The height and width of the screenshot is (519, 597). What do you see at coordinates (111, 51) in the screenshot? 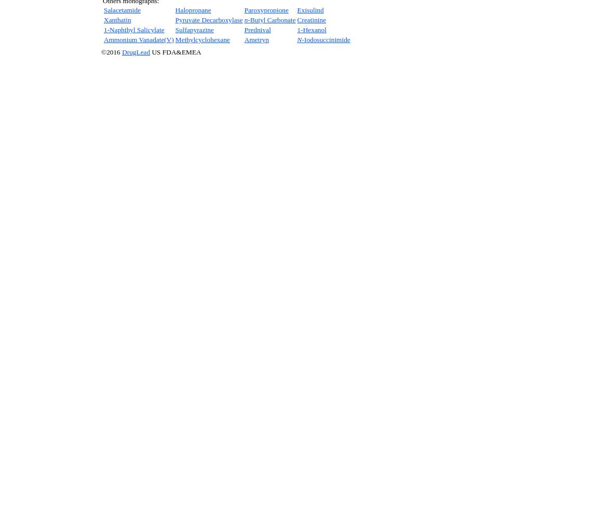
I see `'©2016'` at bounding box center [111, 51].